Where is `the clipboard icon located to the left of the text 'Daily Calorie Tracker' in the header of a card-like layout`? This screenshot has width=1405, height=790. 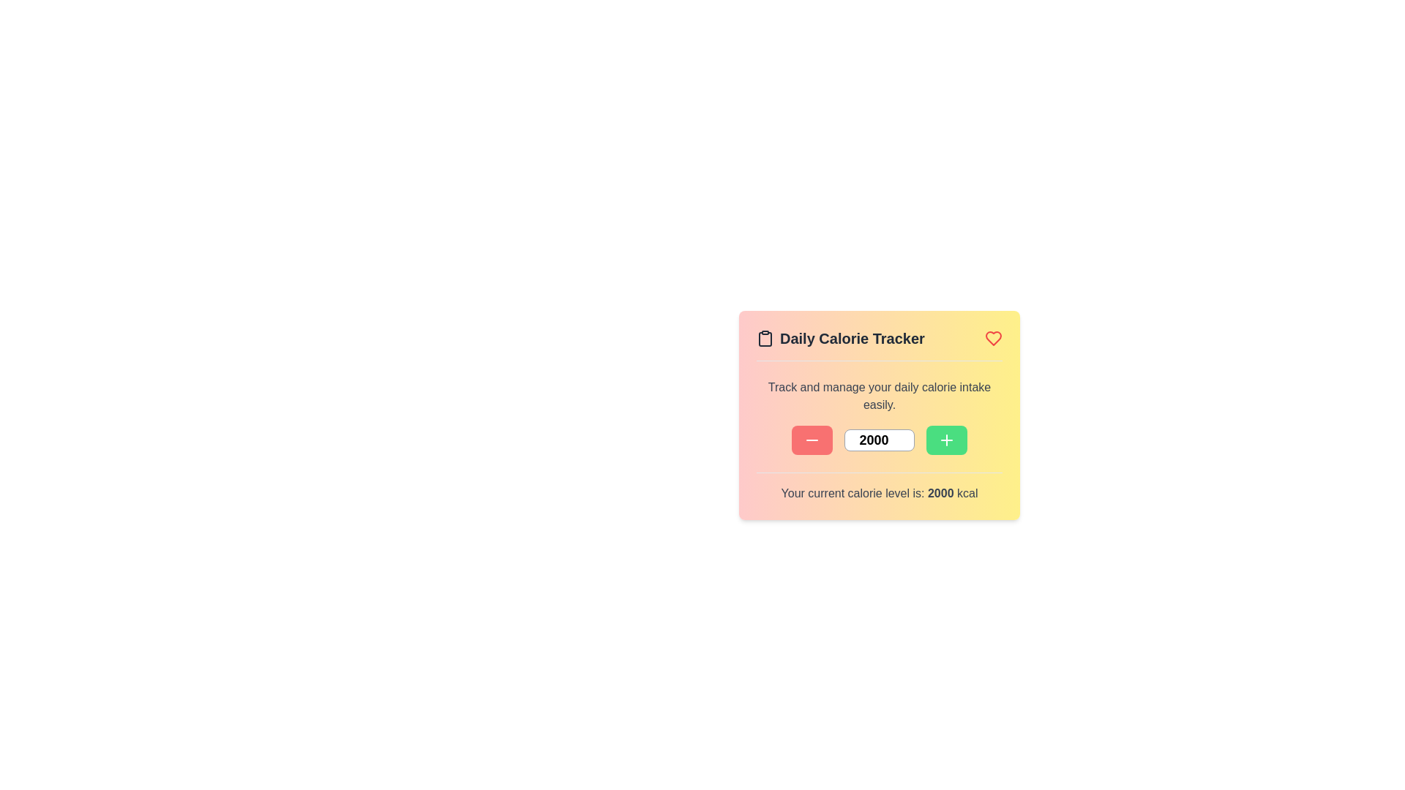
the clipboard icon located to the left of the text 'Daily Calorie Tracker' in the header of a card-like layout is located at coordinates (765, 338).